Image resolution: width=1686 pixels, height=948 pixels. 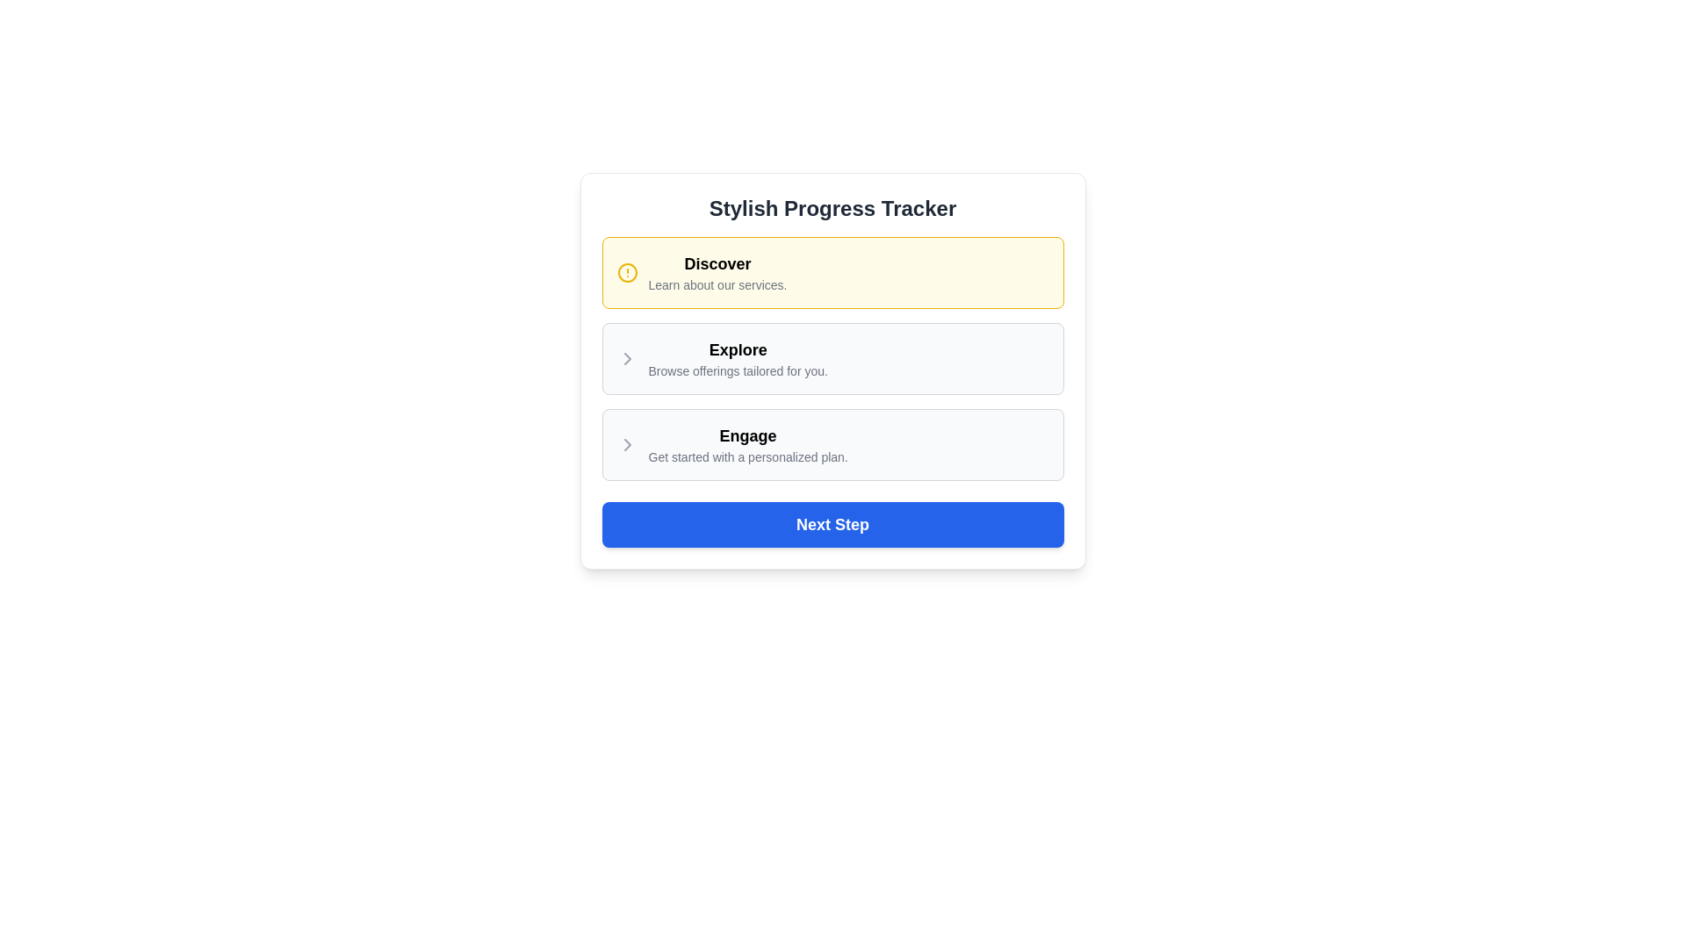 What do you see at coordinates (717, 273) in the screenshot?
I see `text content displayed in the highlighted box, which includes 'Discover' in bold and 'Learn about our services.' in light gray` at bounding box center [717, 273].